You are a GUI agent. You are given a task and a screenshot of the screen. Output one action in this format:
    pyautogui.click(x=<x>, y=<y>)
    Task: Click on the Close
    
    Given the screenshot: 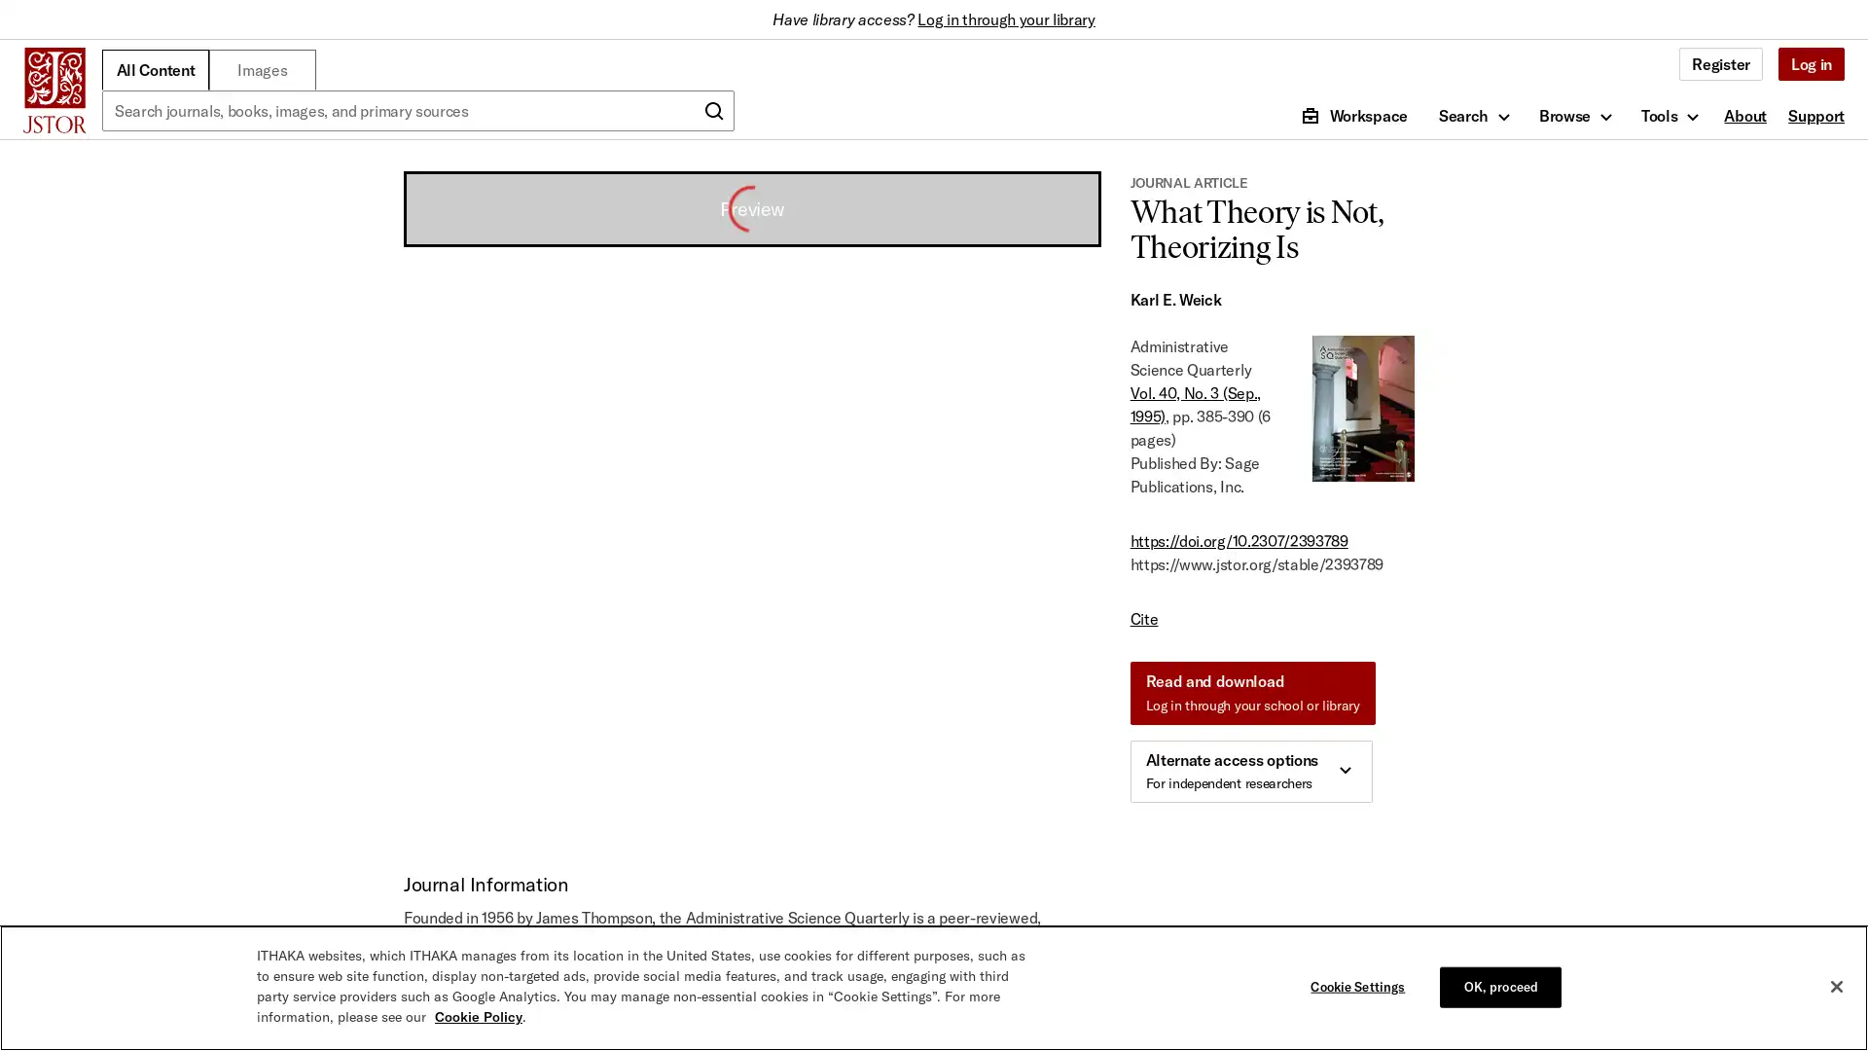 What is the action you would take?
    pyautogui.click(x=1835, y=987)
    